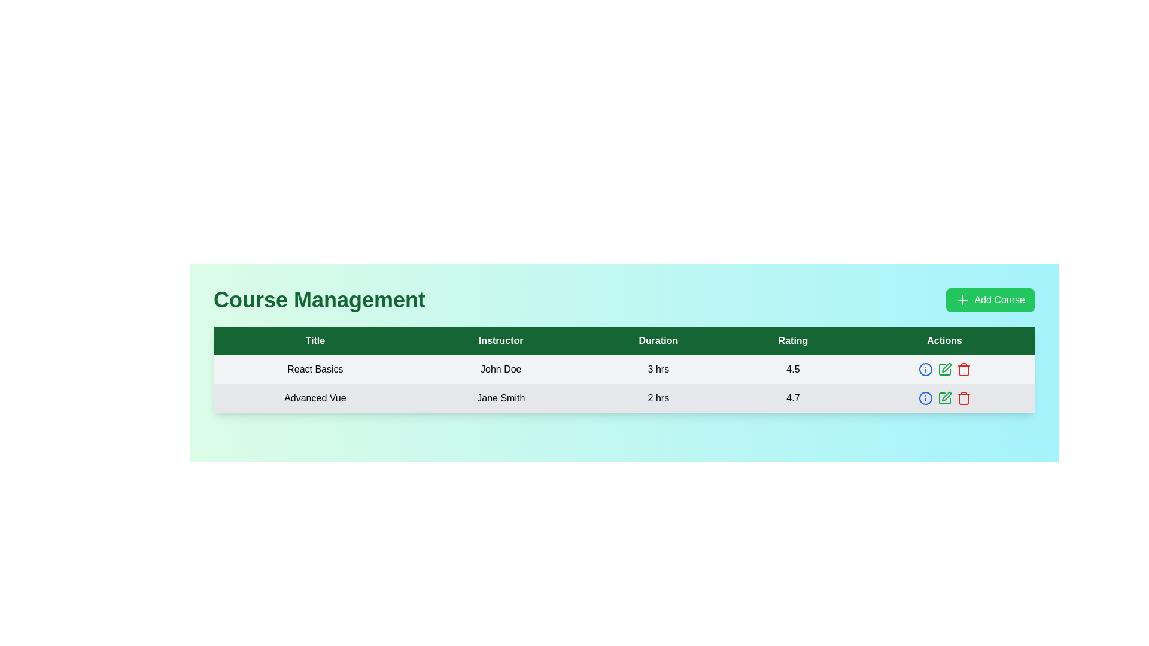 This screenshot has width=1149, height=646. What do you see at coordinates (925, 368) in the screenshot?
I see `SVG circle icon associated with the 'Advanced Vue' course in the 'Actions' column of the second row using developer tools` at bounding box center [925, 368].